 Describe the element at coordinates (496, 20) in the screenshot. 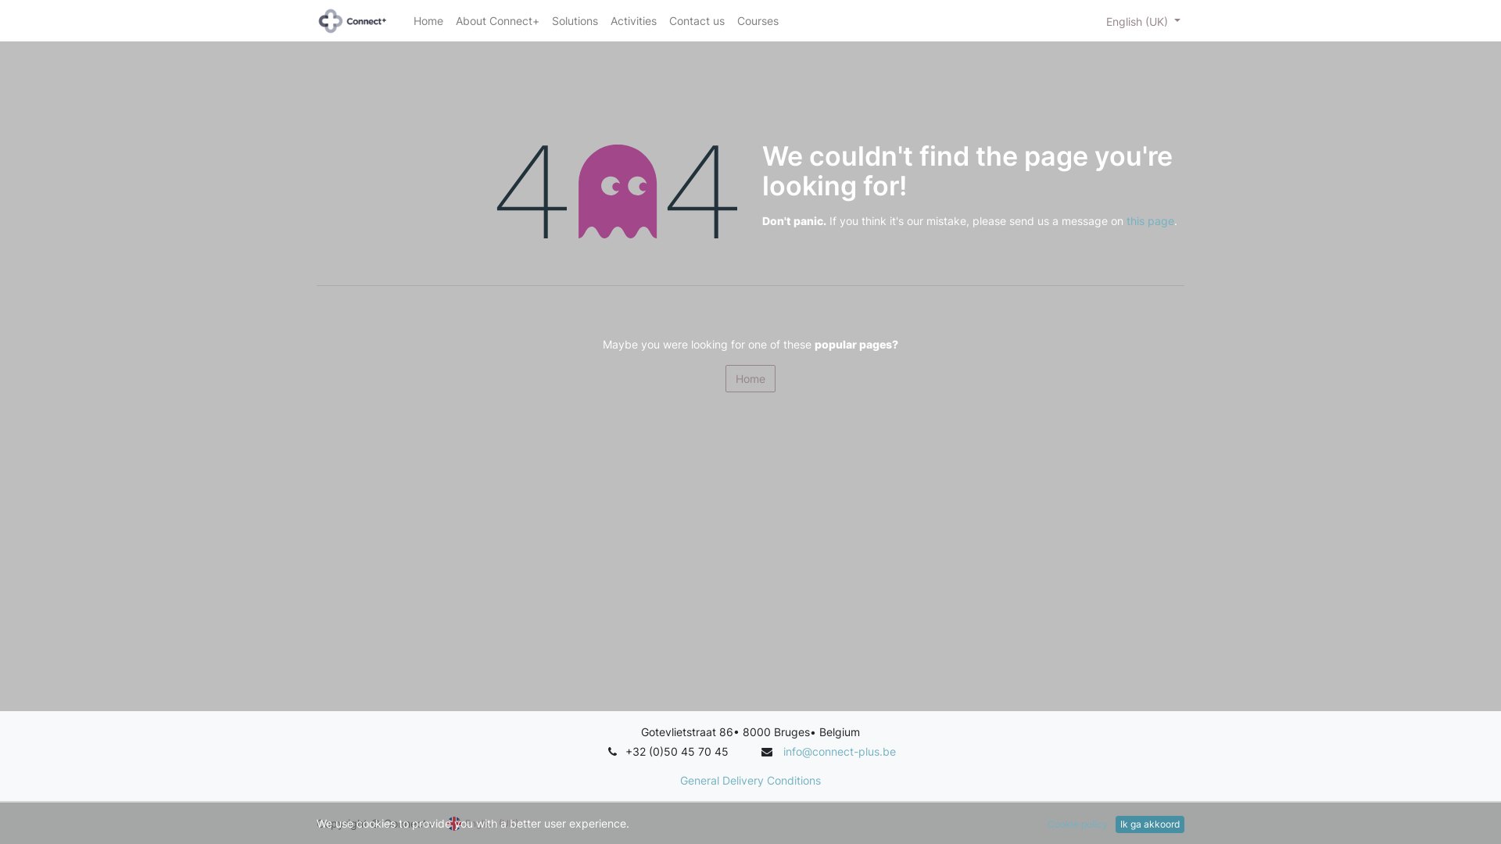

I see `'About Connect+'` at that location.